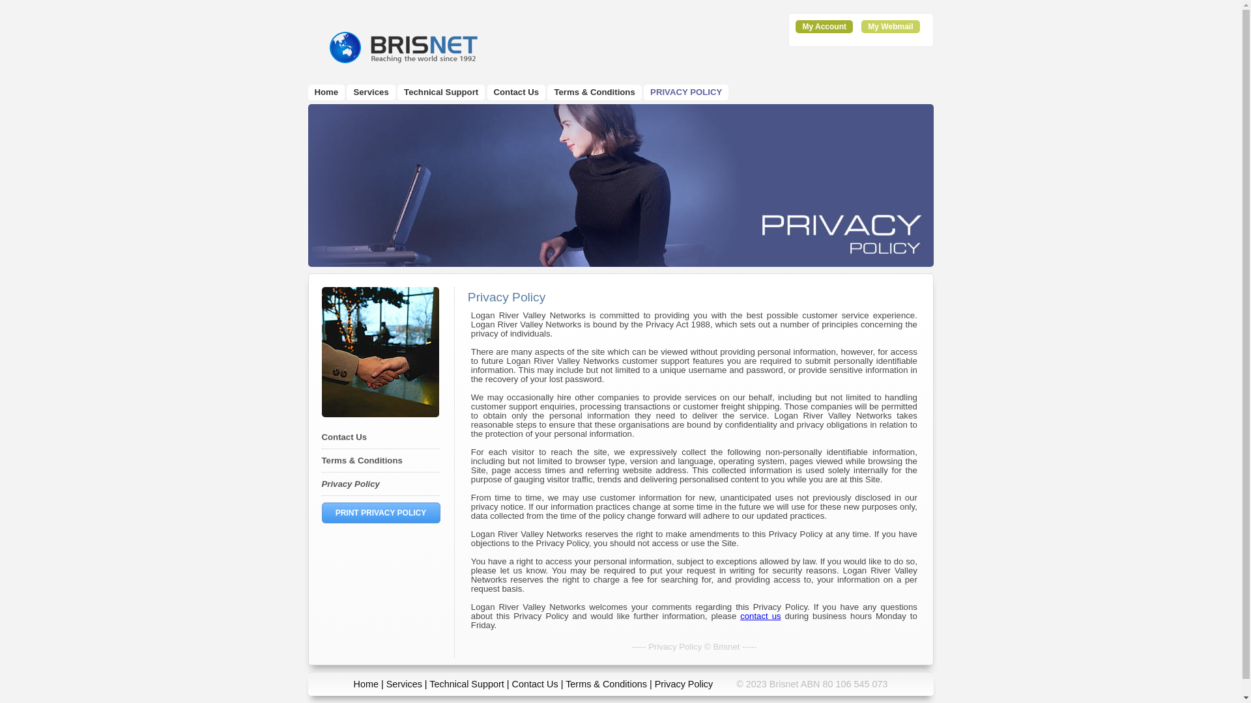 The width and height of the screenshot is (1251, 703). Describe the element at coordinates (760, 615) in the screenshot. I see `'contact us'` at that location.